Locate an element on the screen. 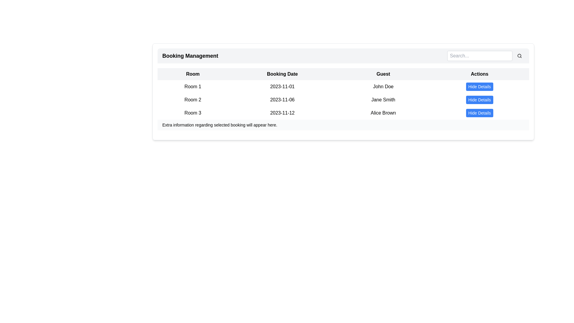  the search button located immediately to the right of the 'Search...' input box to initiate a search query is located at coordinates (519, 56).